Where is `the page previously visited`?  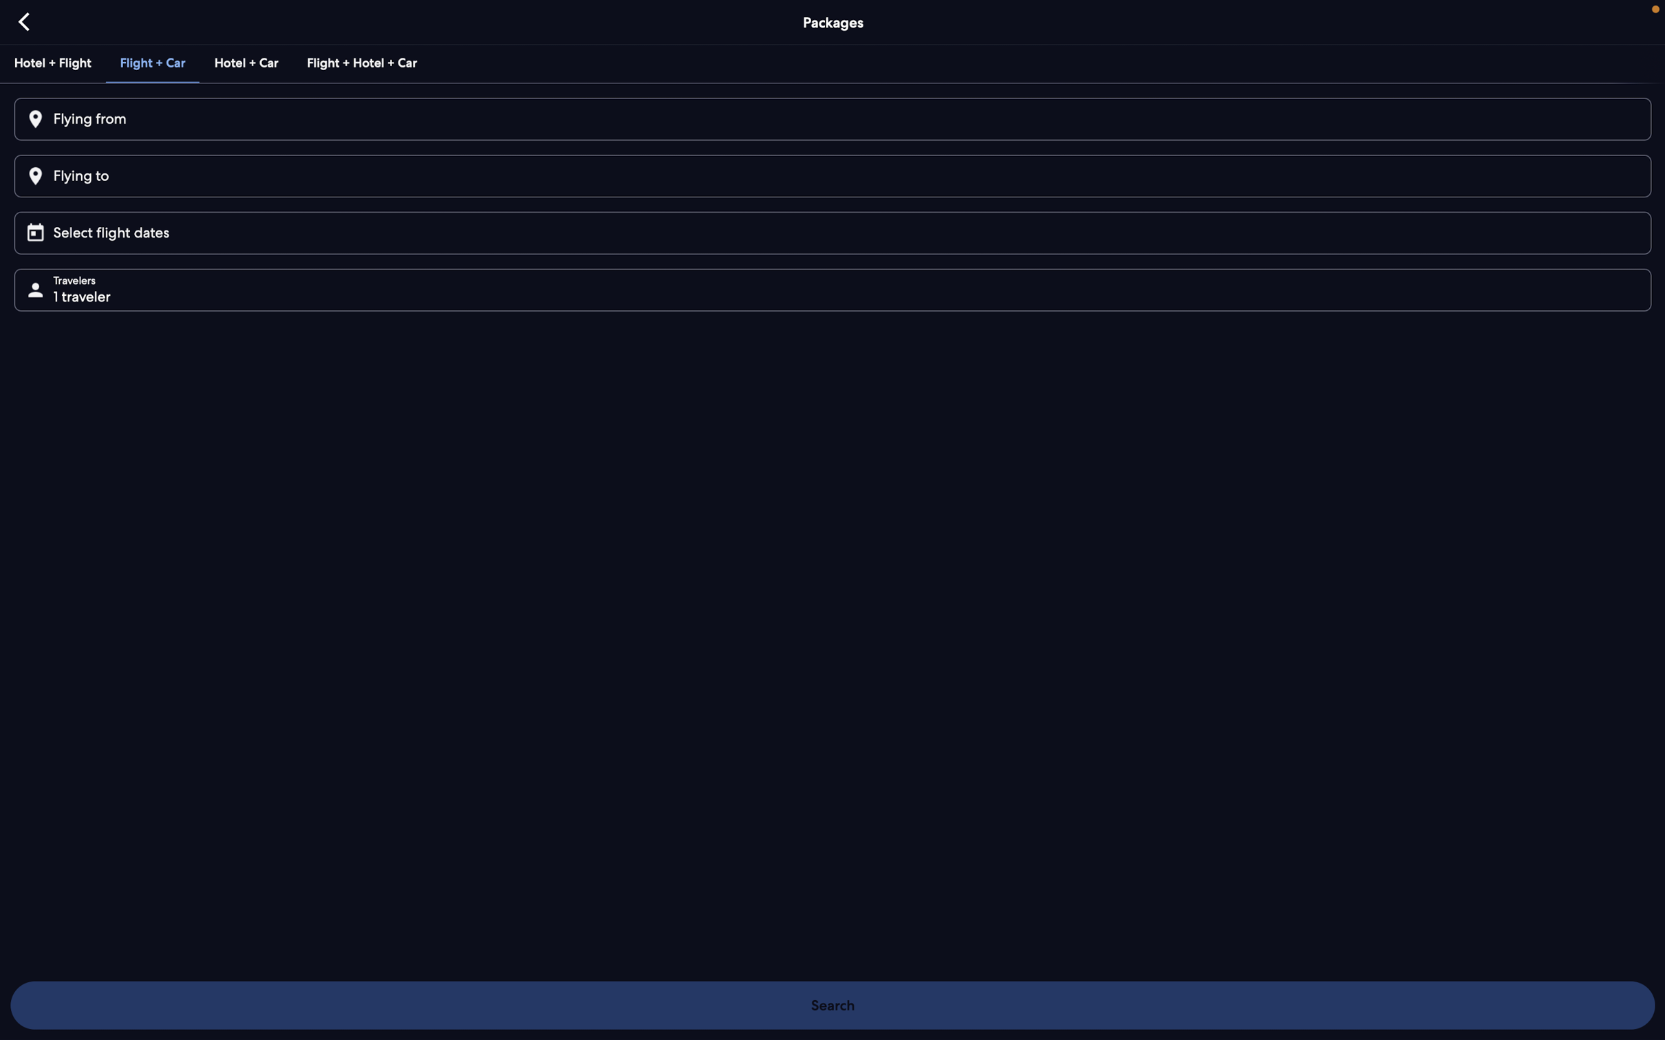
the page previously visited is located at coordinates (25, 21).